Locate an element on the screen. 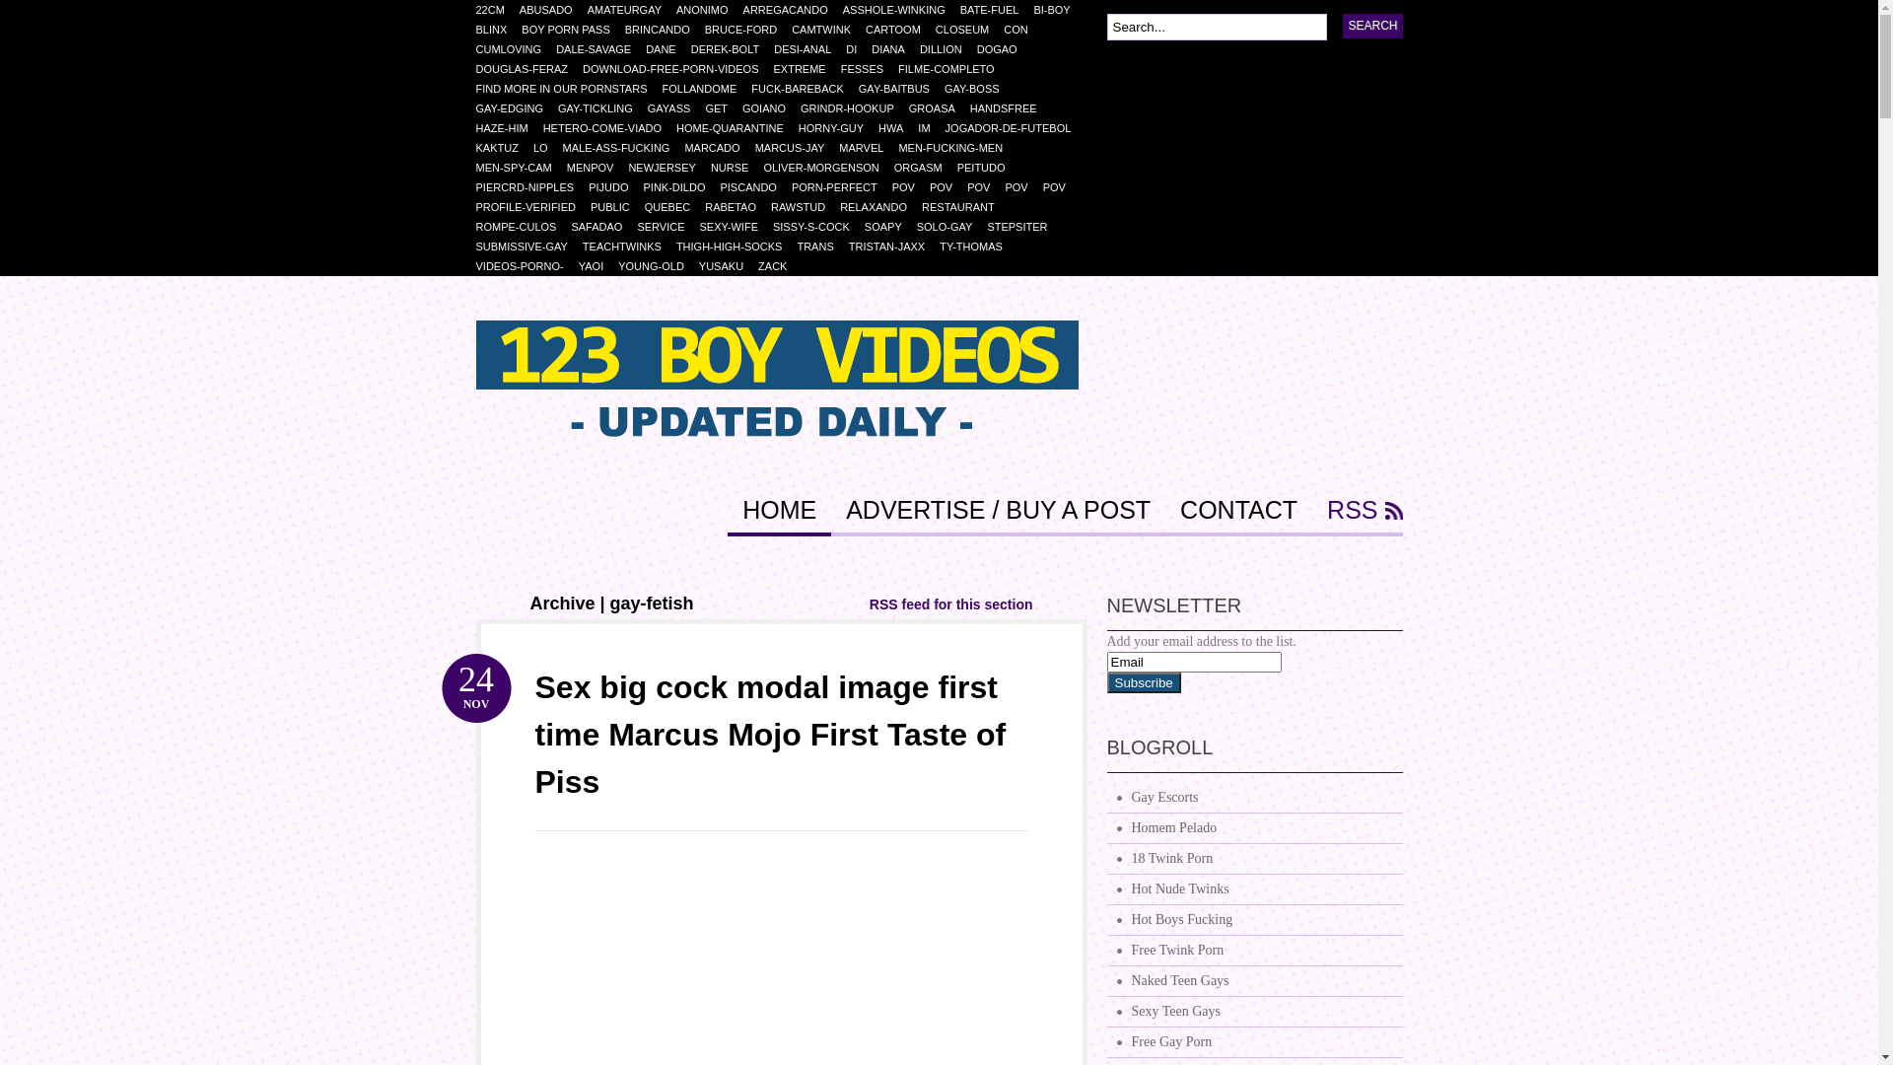  'ANONIMO' is located at coordinates (710, 10).